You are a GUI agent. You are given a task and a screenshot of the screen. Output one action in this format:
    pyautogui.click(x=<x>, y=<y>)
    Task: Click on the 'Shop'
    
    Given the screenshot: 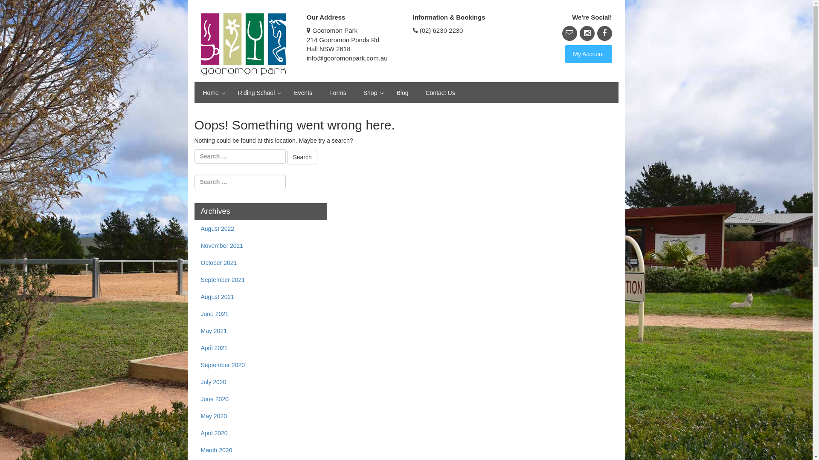 What is the action you would take?
    pyautogui.click(x=371, y=92)
    